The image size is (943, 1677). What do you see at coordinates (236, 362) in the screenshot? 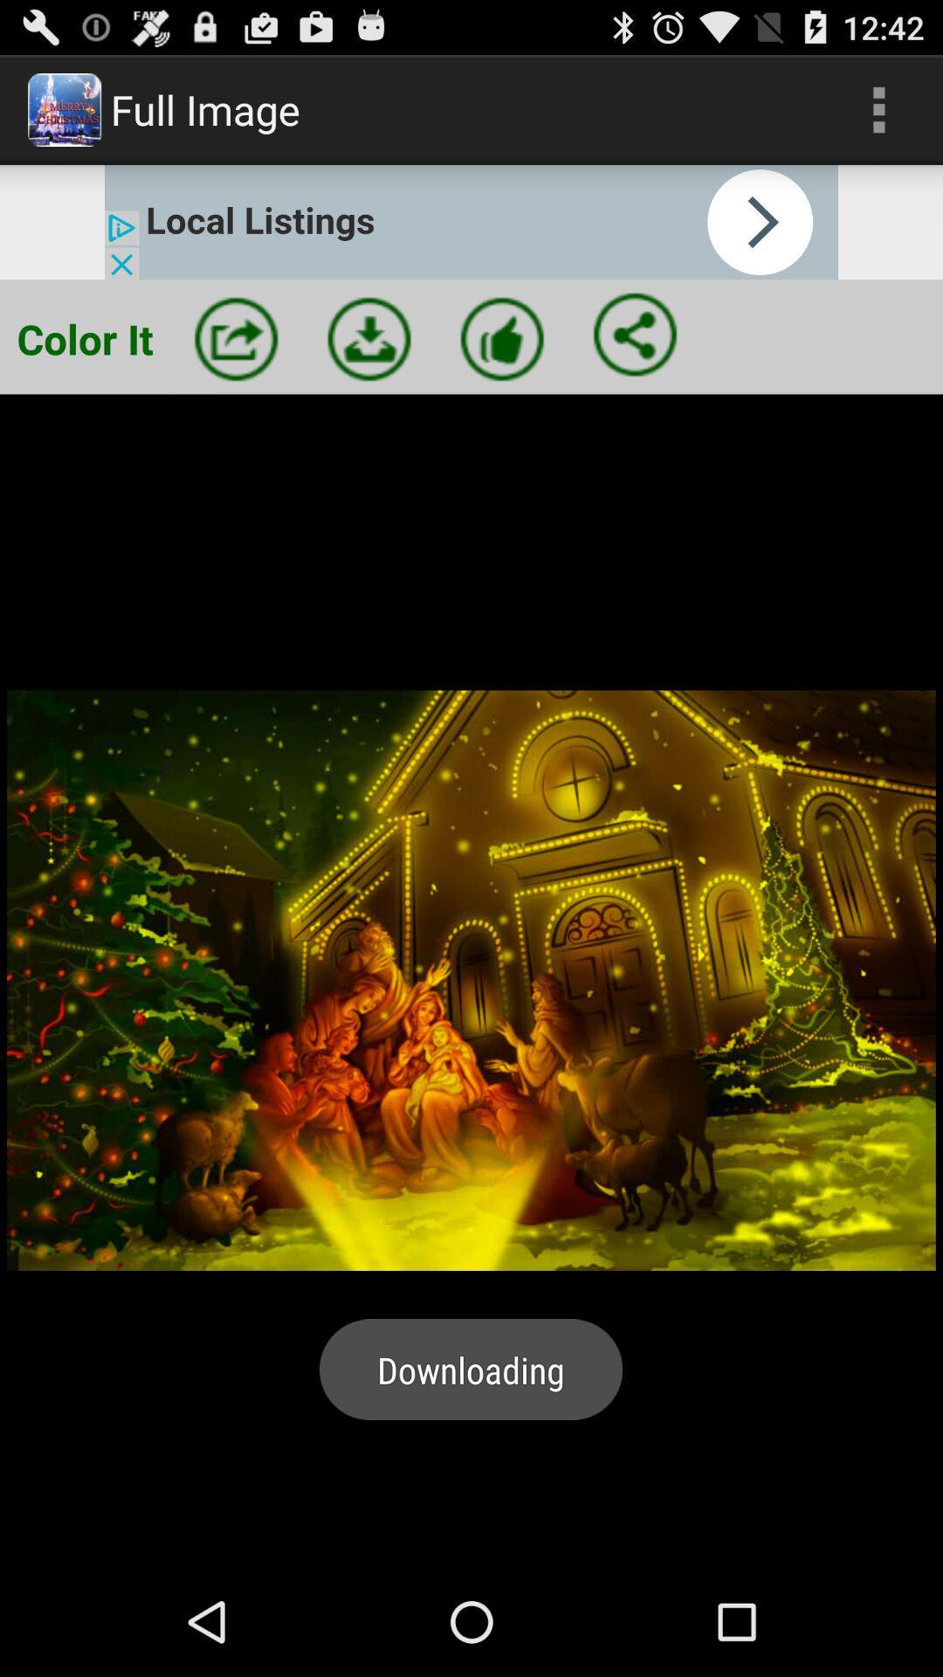
I see `the launch icon` at bounding box center [236, 362].